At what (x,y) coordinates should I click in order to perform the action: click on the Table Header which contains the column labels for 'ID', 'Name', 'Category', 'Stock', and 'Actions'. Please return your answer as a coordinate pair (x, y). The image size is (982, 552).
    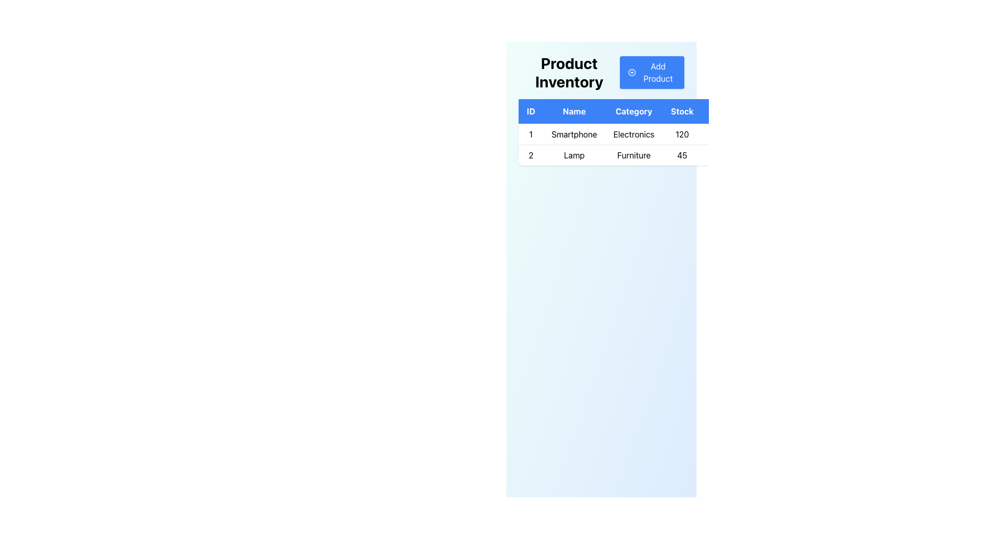
    Looking at the image, I should click on (633, 111).